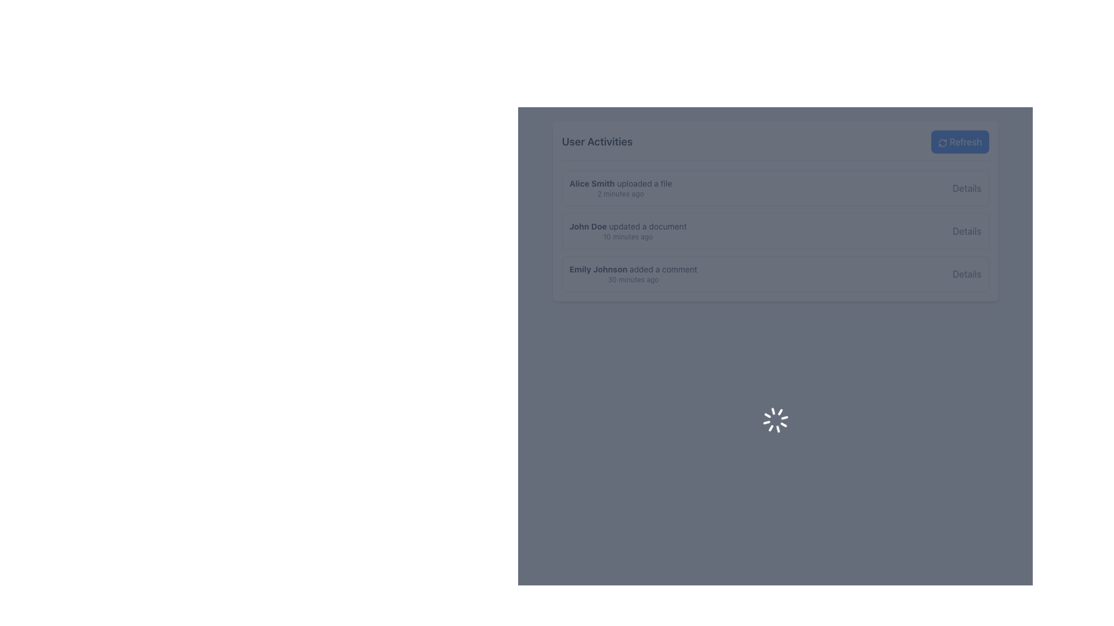  Describe the element at coordinates (620, 183) in the screenshot. I see `the text snippet styled in a small font and gray color that reads 'Alice Smith uploaded a file', located in the first row of the User Activities feed, above the timestamp '2 minutes ago'` at that location.